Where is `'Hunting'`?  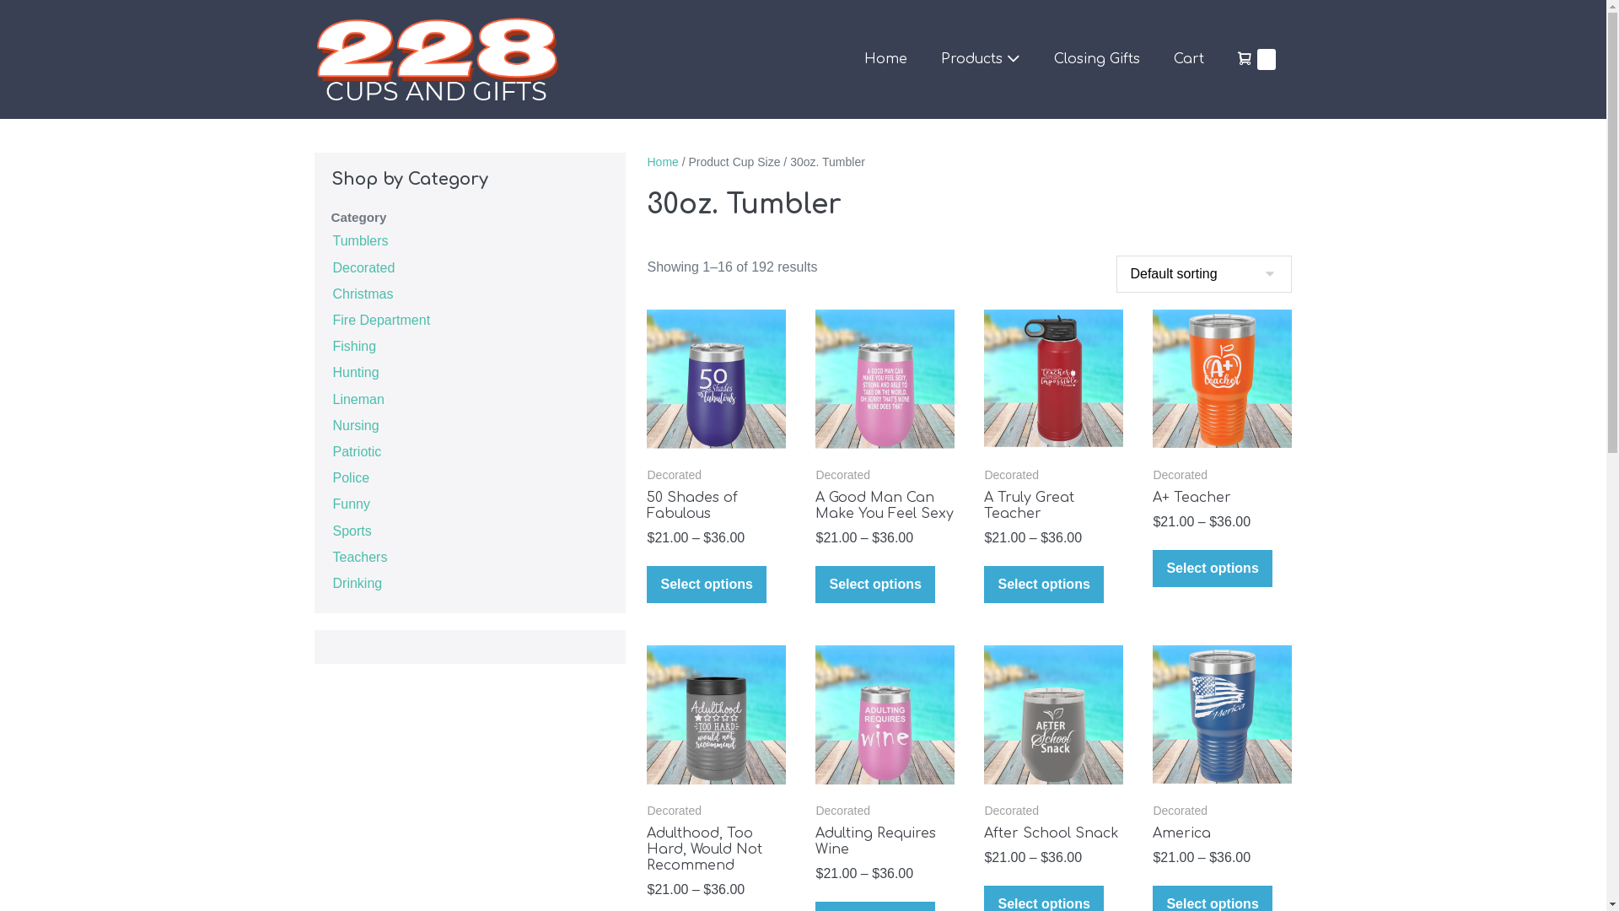
'Hunting' is located at coordinates (331, 370).